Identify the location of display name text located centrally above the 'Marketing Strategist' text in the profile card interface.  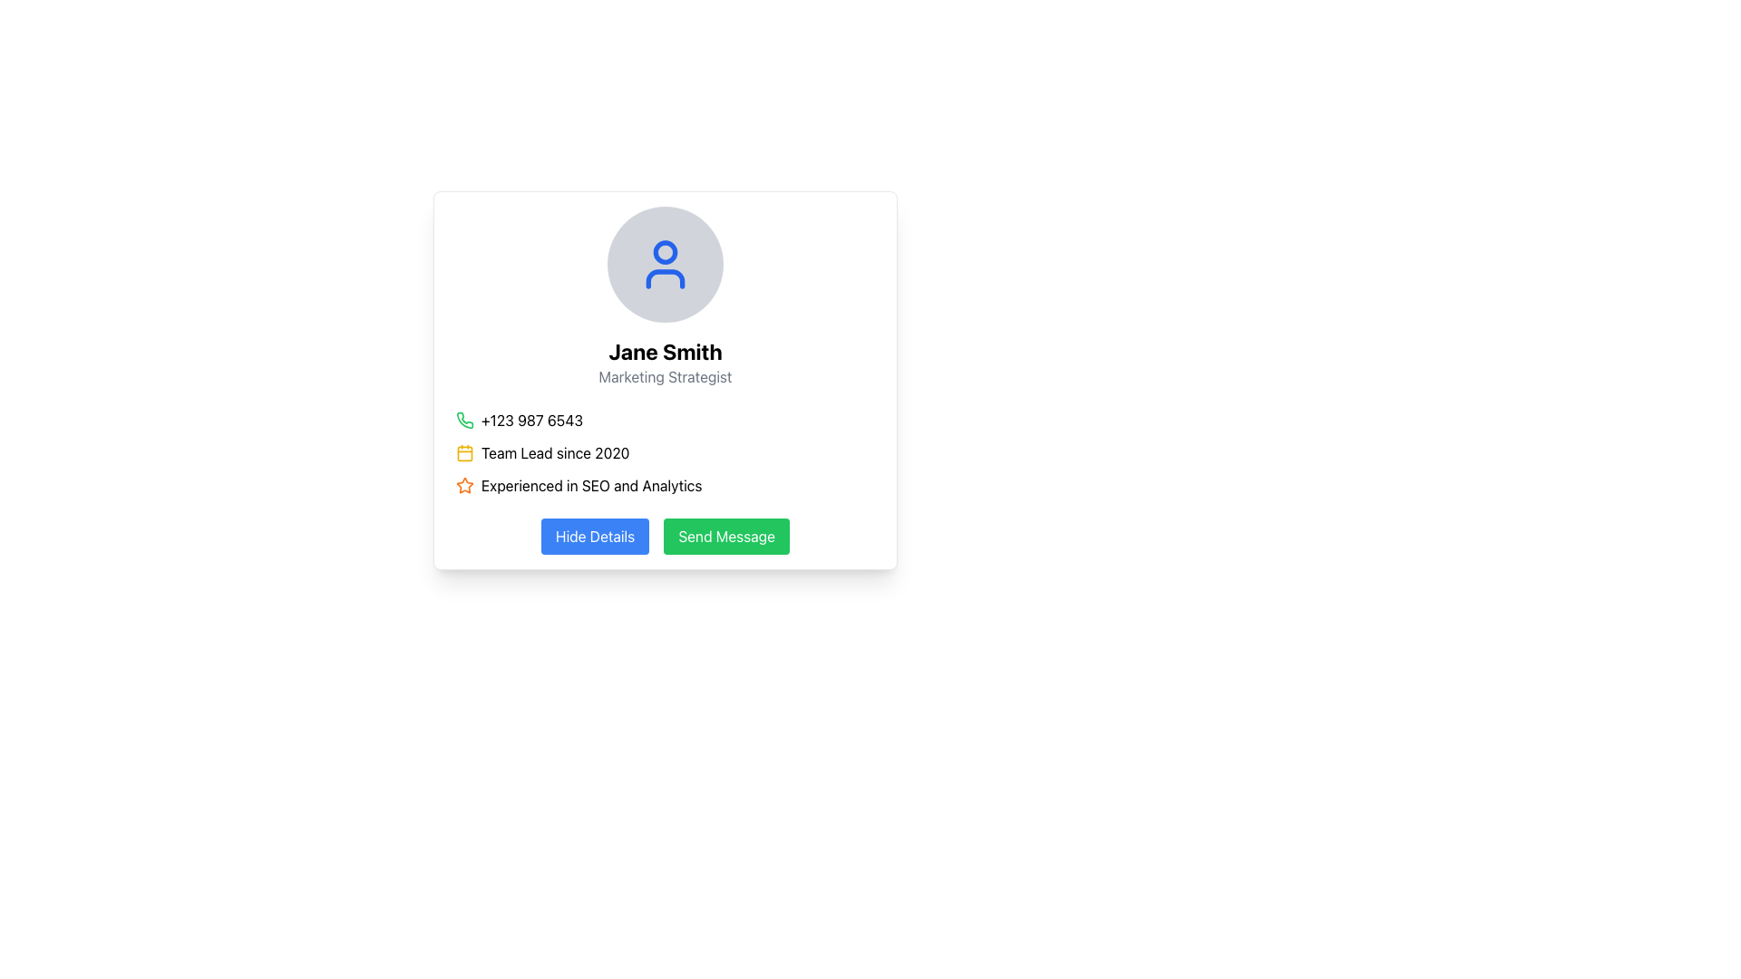
(665, 352).